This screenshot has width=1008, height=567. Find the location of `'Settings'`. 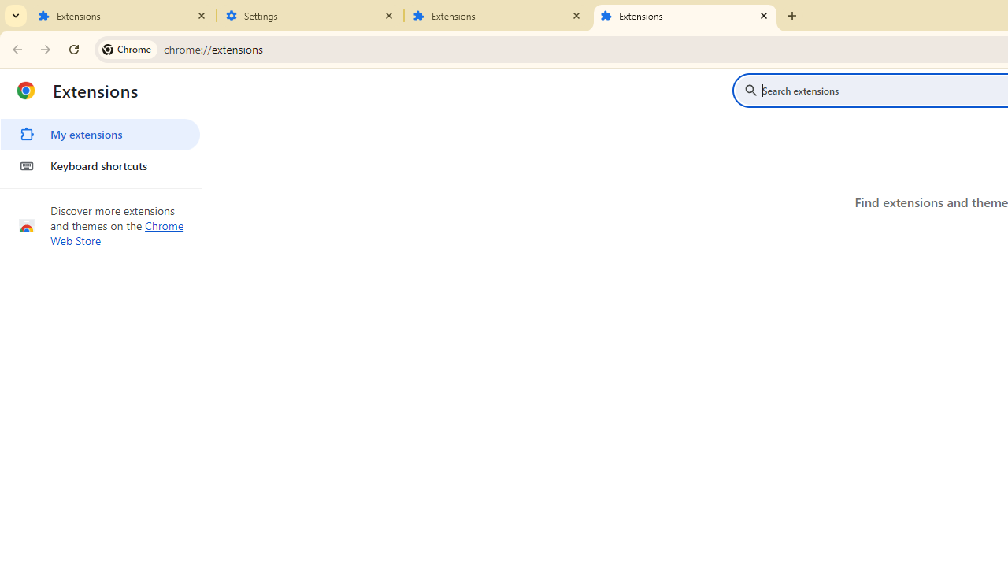

'Settings' is located at coordinates (310, 16).